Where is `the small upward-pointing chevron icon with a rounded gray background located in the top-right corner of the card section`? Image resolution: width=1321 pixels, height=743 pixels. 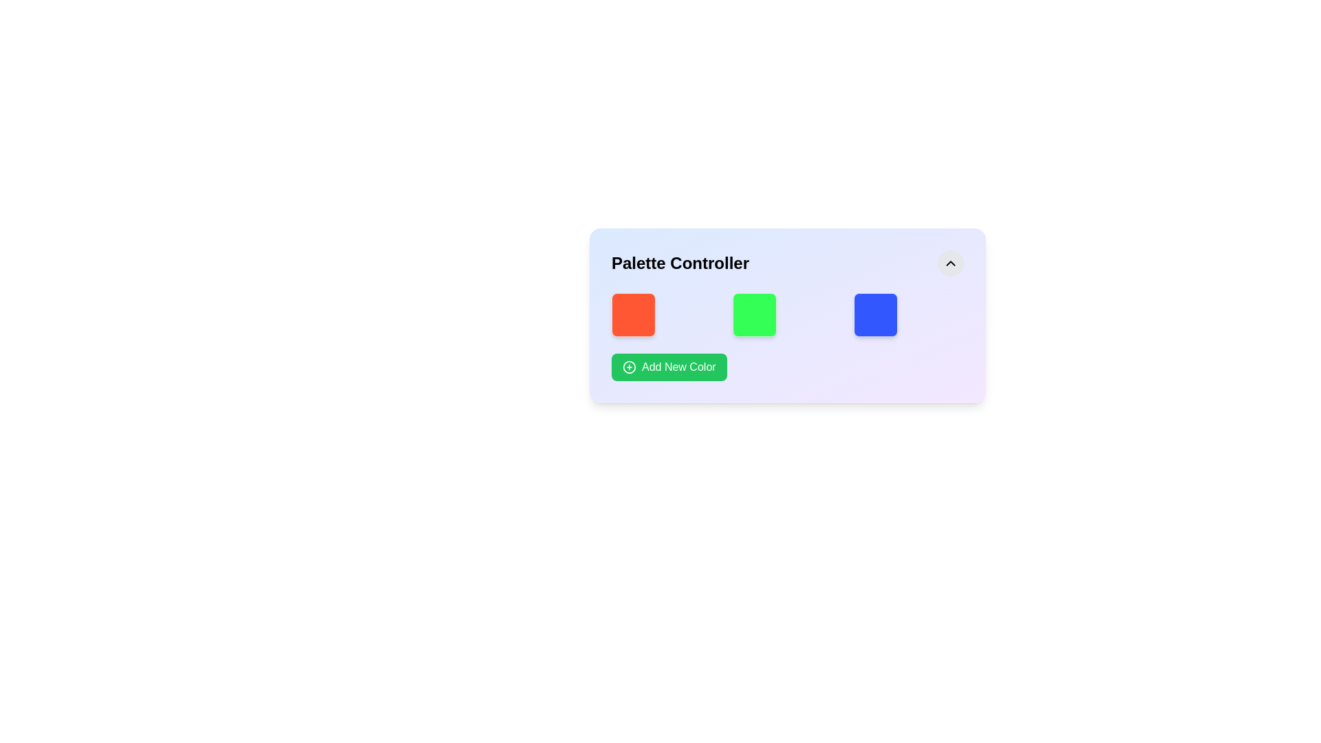 the small upward-pointing chevron icon with a rounded gray background located in the top-right corner of the card section is located at coordinates (950, 263).